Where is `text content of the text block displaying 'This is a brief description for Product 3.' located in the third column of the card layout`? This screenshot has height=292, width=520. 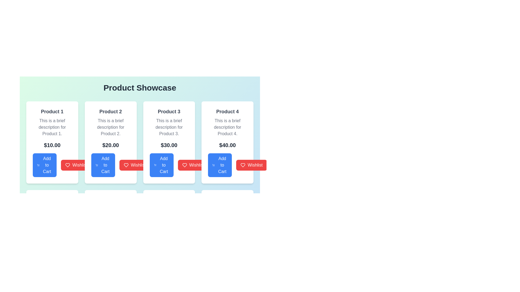 text content of the text block displaying 'This is a brief description for Product 3.' located in the third column of the card layout is located at coordinates (169, 127).